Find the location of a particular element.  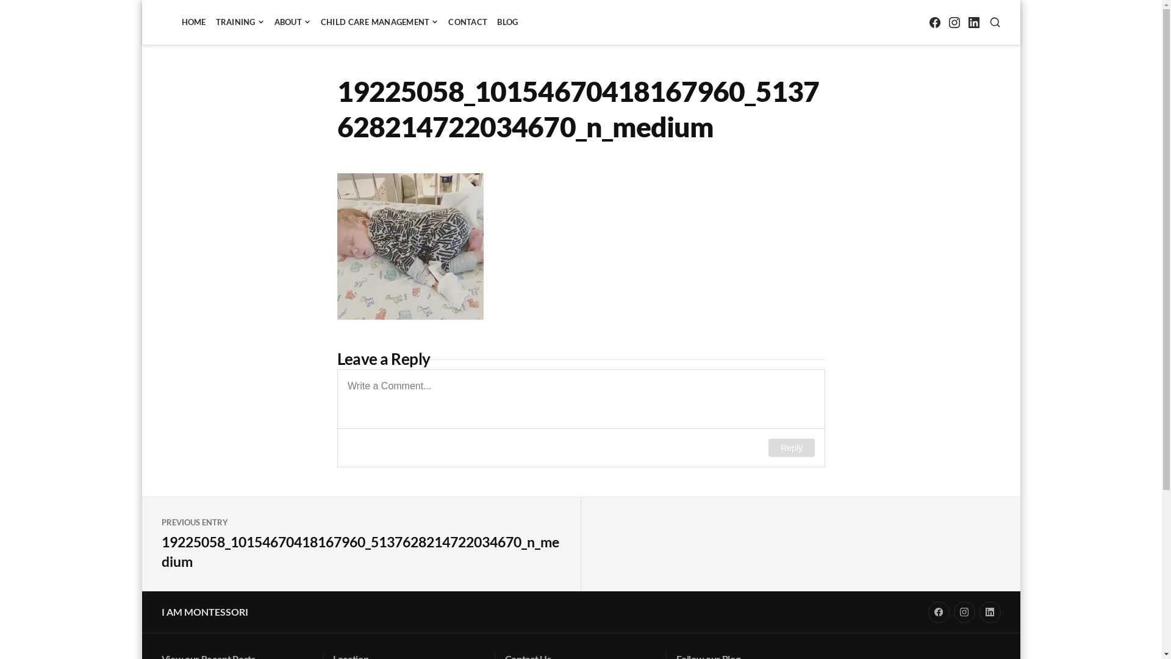

'CHILD CARE MANAGEMENT' is located at coordinates (379, 22).